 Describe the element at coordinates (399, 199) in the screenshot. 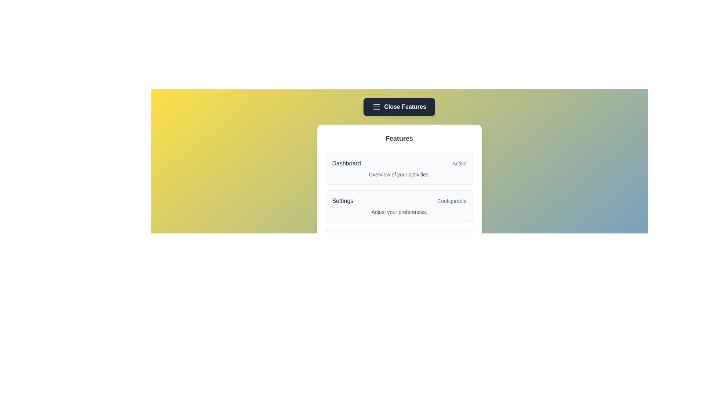

I see `information from the second informational card in the features list under the title 'Features' which provides details about 'Settings.'` at that location.